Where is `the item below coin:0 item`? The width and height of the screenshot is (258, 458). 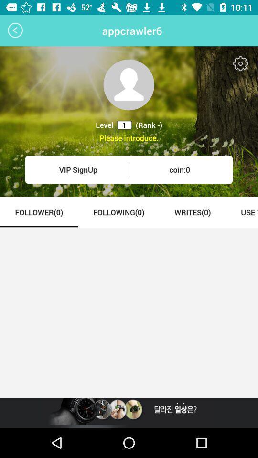
the item below coin:0 item is located at coordinates (193, 212).